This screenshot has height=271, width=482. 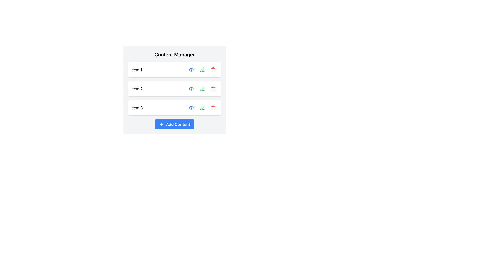 I want to click on the SVG Icon Button for the 'Item 2' entry, so click(x=191, y=89).